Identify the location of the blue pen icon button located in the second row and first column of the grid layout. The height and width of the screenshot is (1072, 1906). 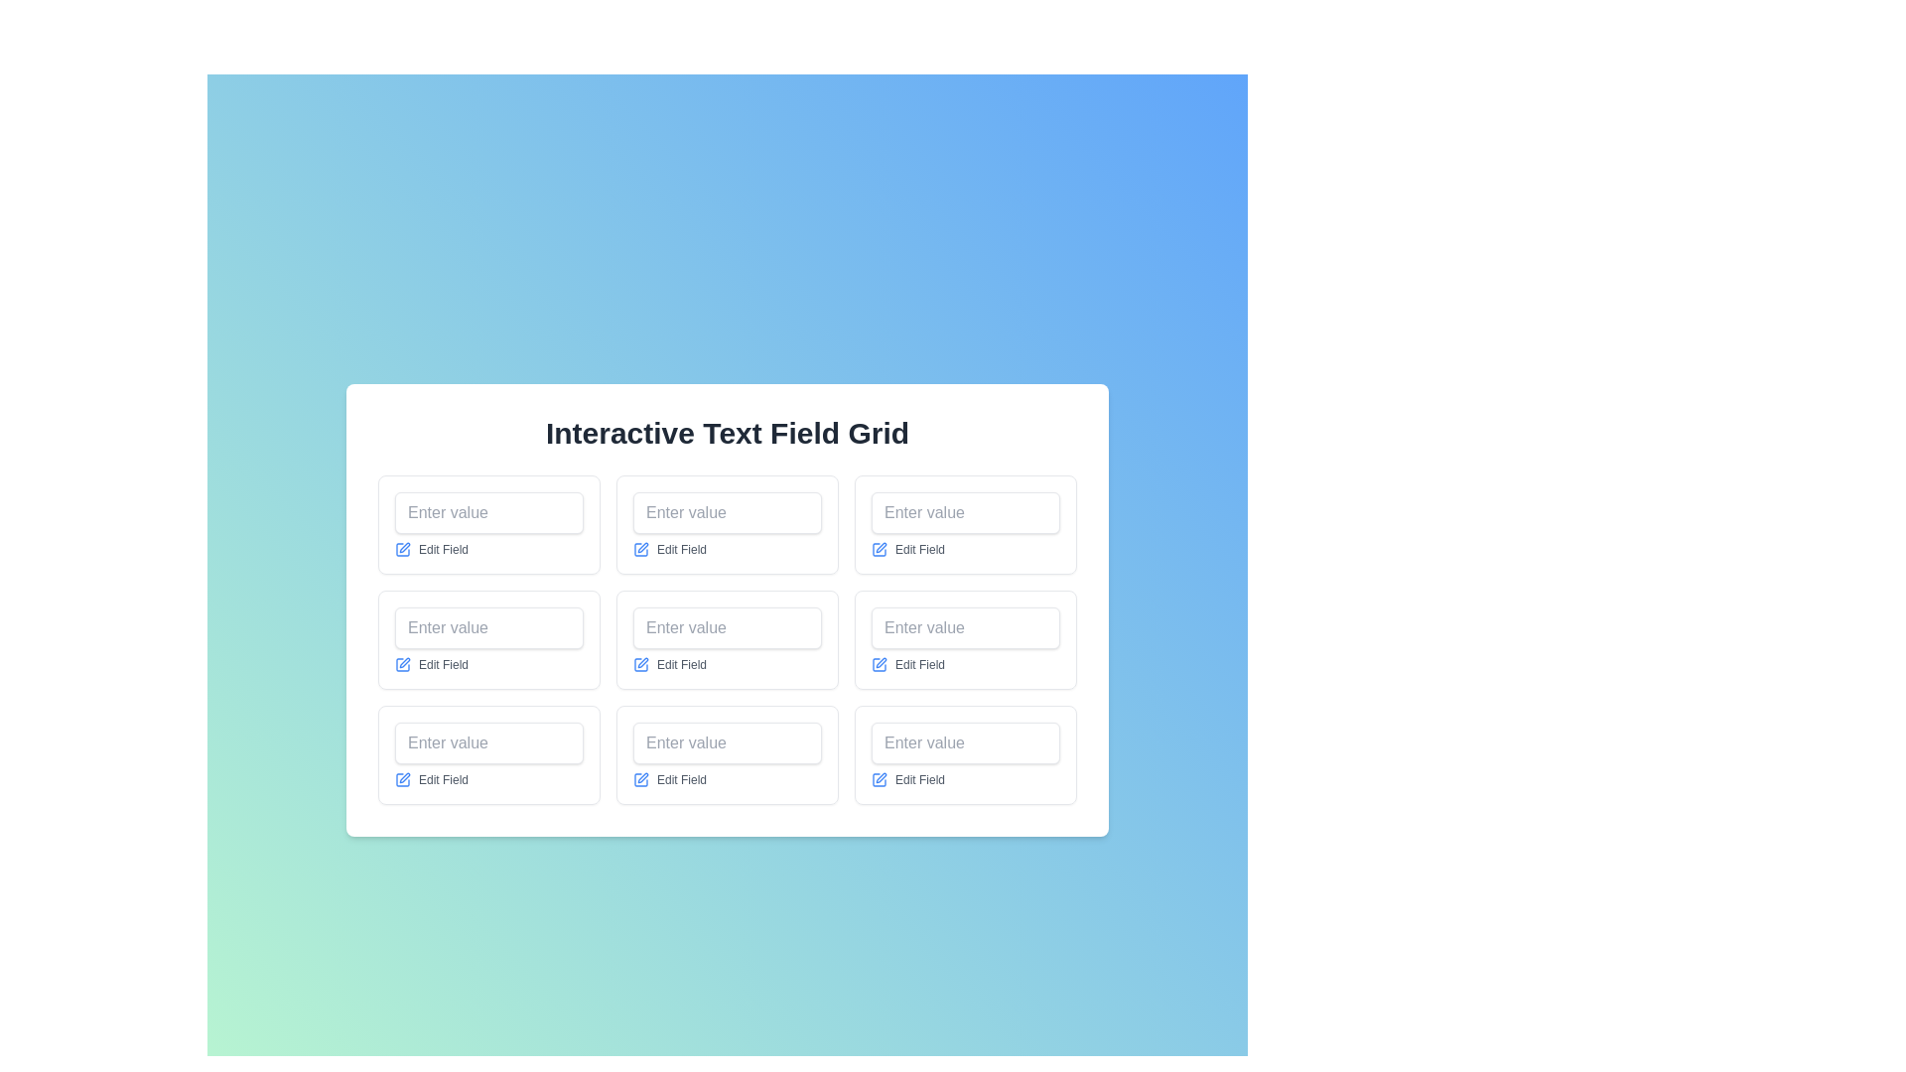
(404, 662).